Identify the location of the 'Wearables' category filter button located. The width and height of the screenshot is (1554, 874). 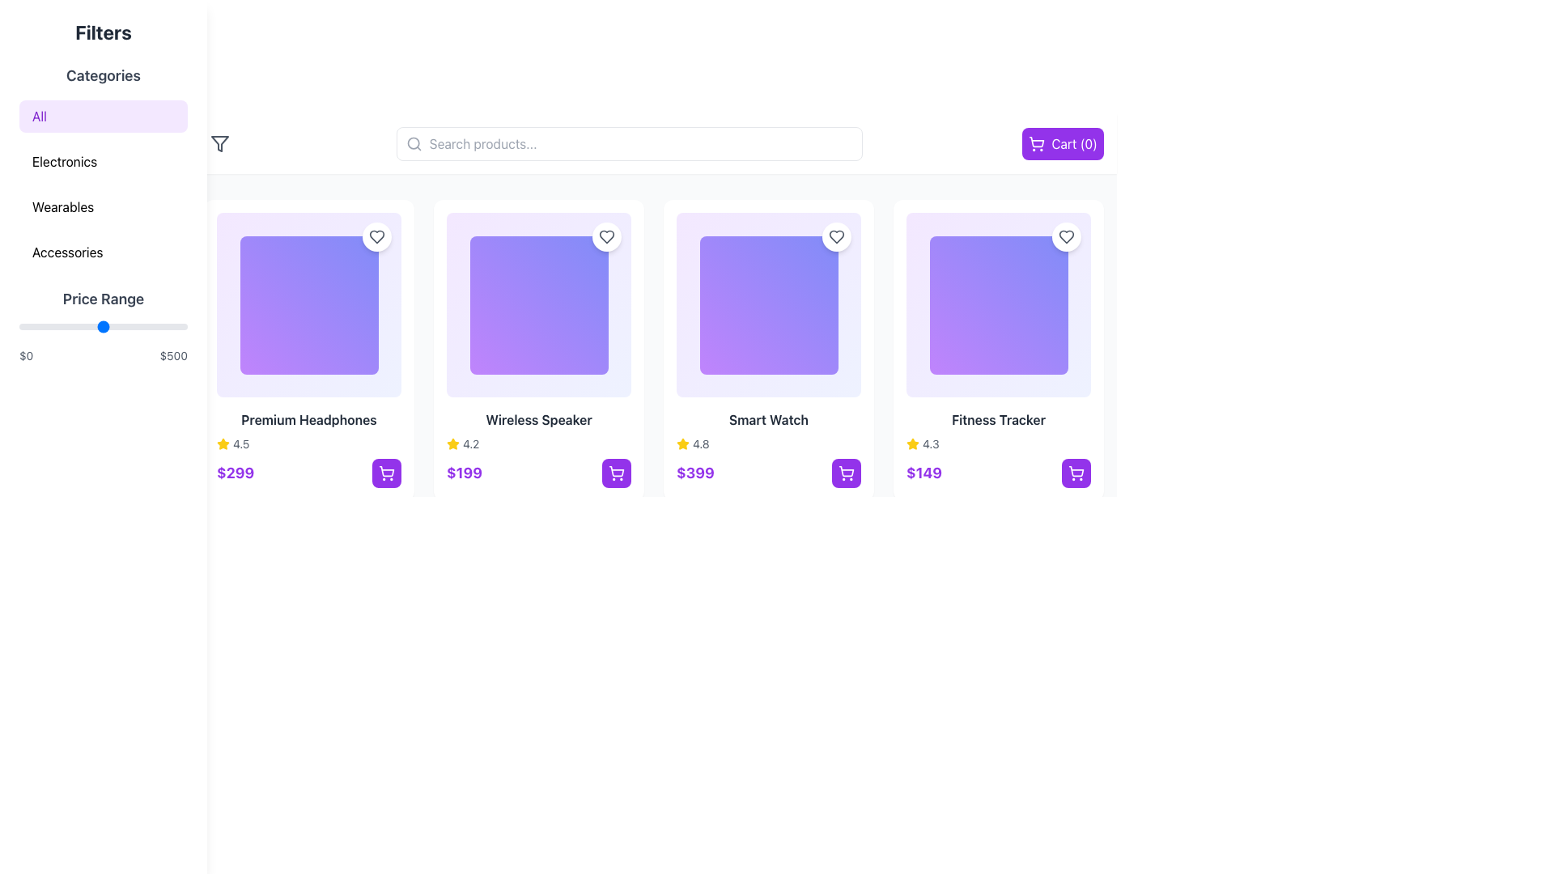
(103, 206).